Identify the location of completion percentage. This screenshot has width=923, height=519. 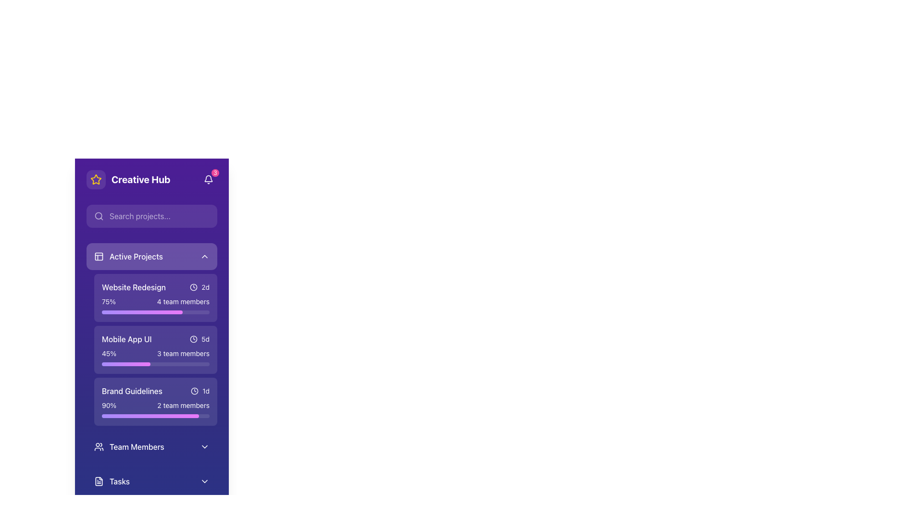
(109, 312).